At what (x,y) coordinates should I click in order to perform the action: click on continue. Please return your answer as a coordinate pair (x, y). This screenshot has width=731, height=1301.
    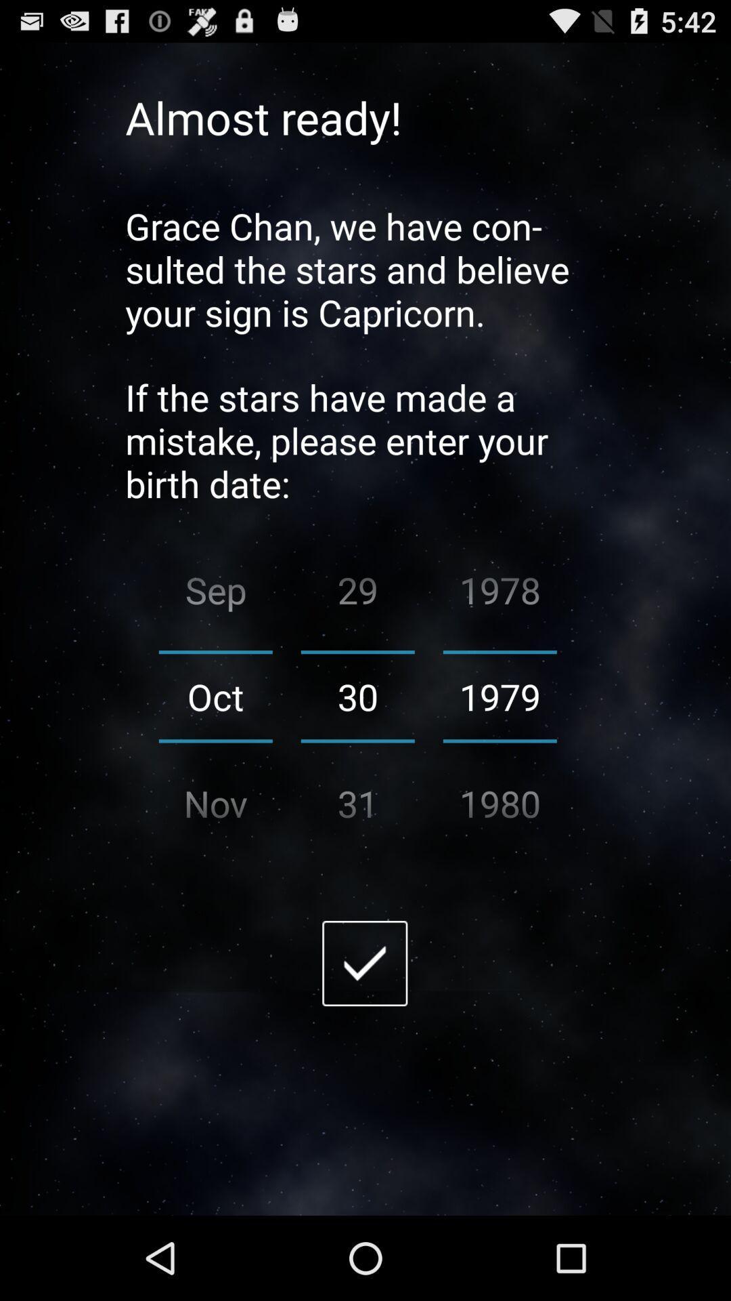
    Looking at the image, I should click on (364, 962).